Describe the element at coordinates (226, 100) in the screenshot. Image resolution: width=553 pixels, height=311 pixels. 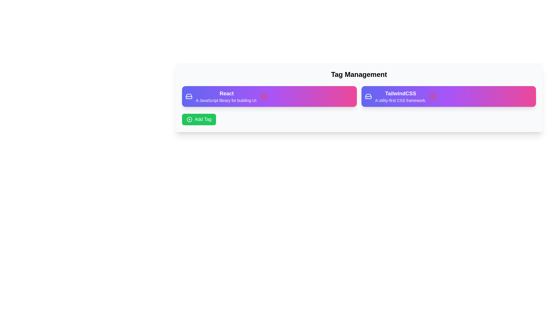
I see `the text element that reads 'A JavaScript library for building UI.' which is located below the heading 'React' within a gradient-colored rectangular area` at that location.